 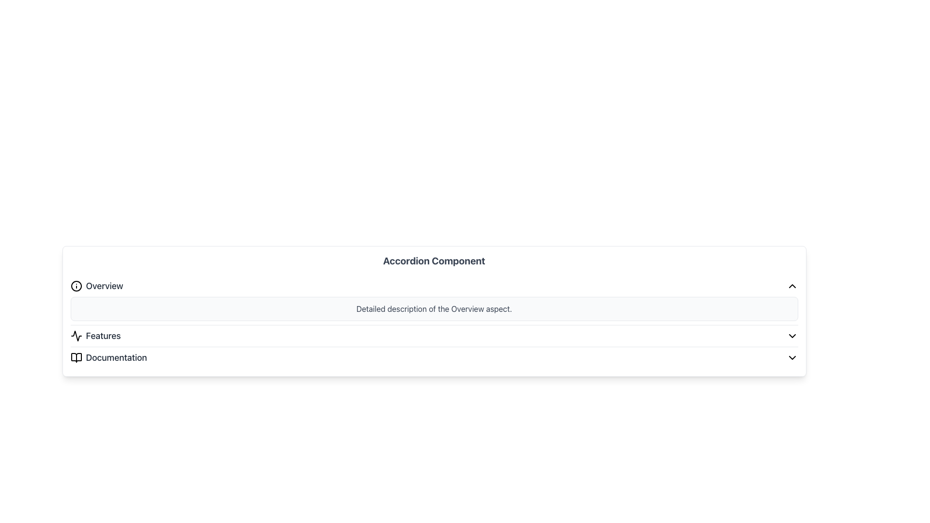 What do you see at coordinates (76, 358) in the screenshot?
I see `the open book icon located beside the 'Documentation' label in the vertical list, which is the bottom-most item in the list` at bounding box center [76, 358].